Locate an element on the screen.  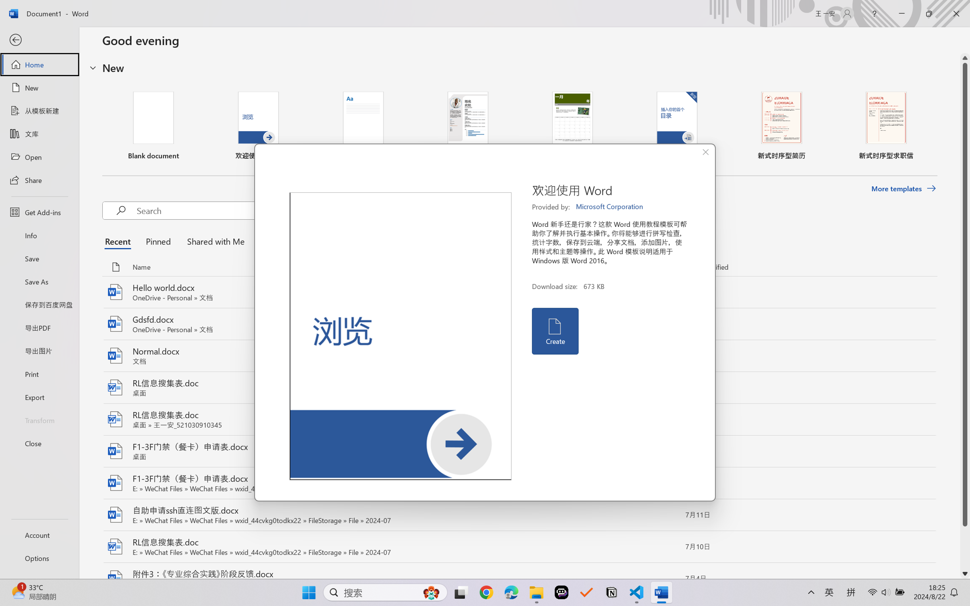
'Shared with Me' is located at coordinates (213, 241).